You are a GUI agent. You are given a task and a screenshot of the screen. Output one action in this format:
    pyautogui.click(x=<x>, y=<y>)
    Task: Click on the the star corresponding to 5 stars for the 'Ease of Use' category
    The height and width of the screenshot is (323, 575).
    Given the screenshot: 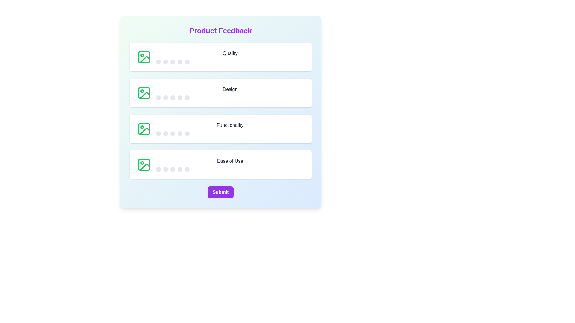 What is the action you would take?
    pyautogui.click(x=187, y=170)
    